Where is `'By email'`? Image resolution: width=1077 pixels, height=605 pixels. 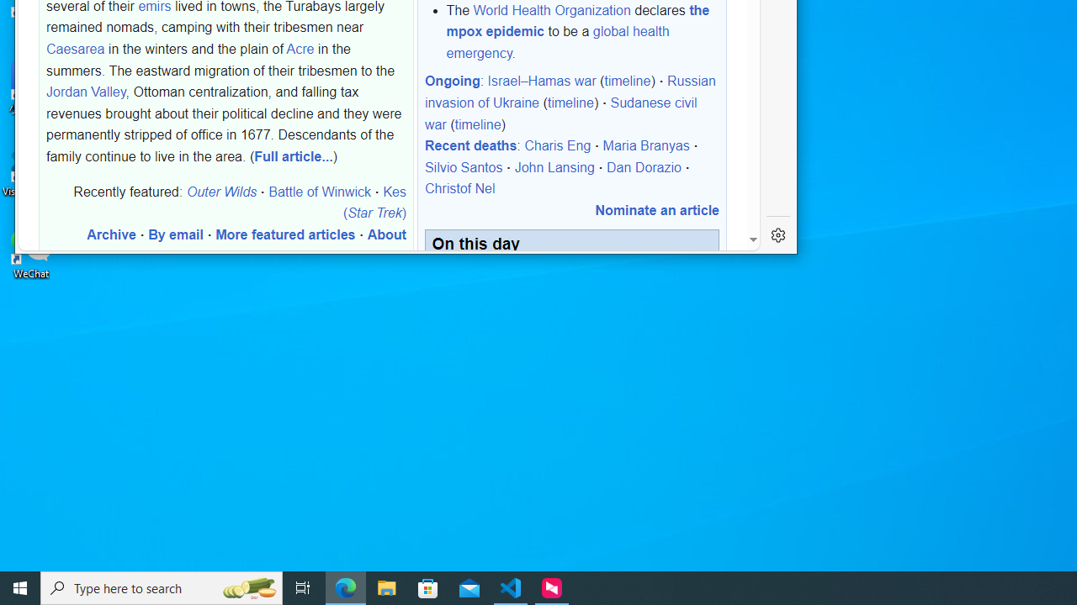 'By email' is located at coordinates (176, 234).